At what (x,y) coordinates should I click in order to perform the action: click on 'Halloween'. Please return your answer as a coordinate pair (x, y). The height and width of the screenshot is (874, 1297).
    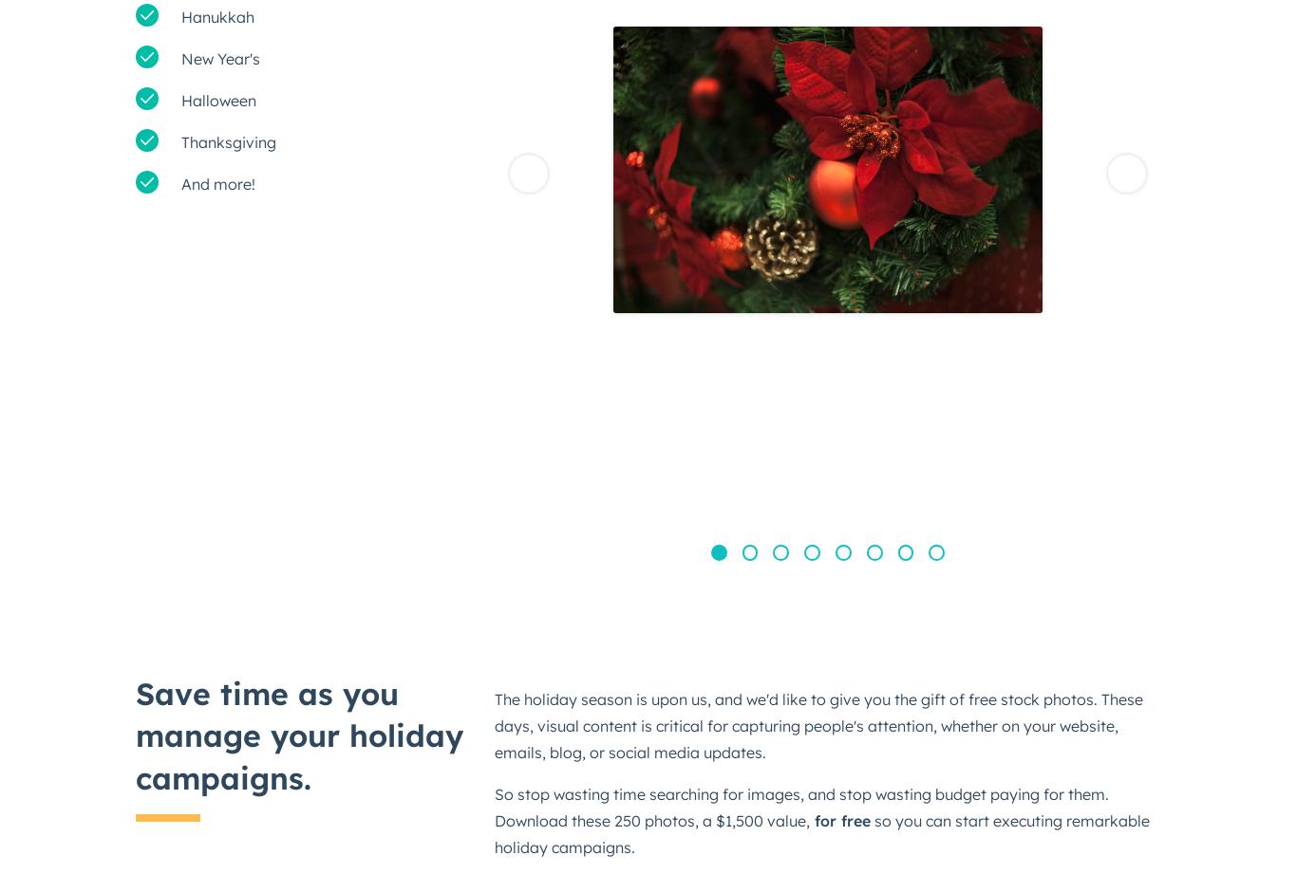
    Looking at the image, I should click on (218, 99).